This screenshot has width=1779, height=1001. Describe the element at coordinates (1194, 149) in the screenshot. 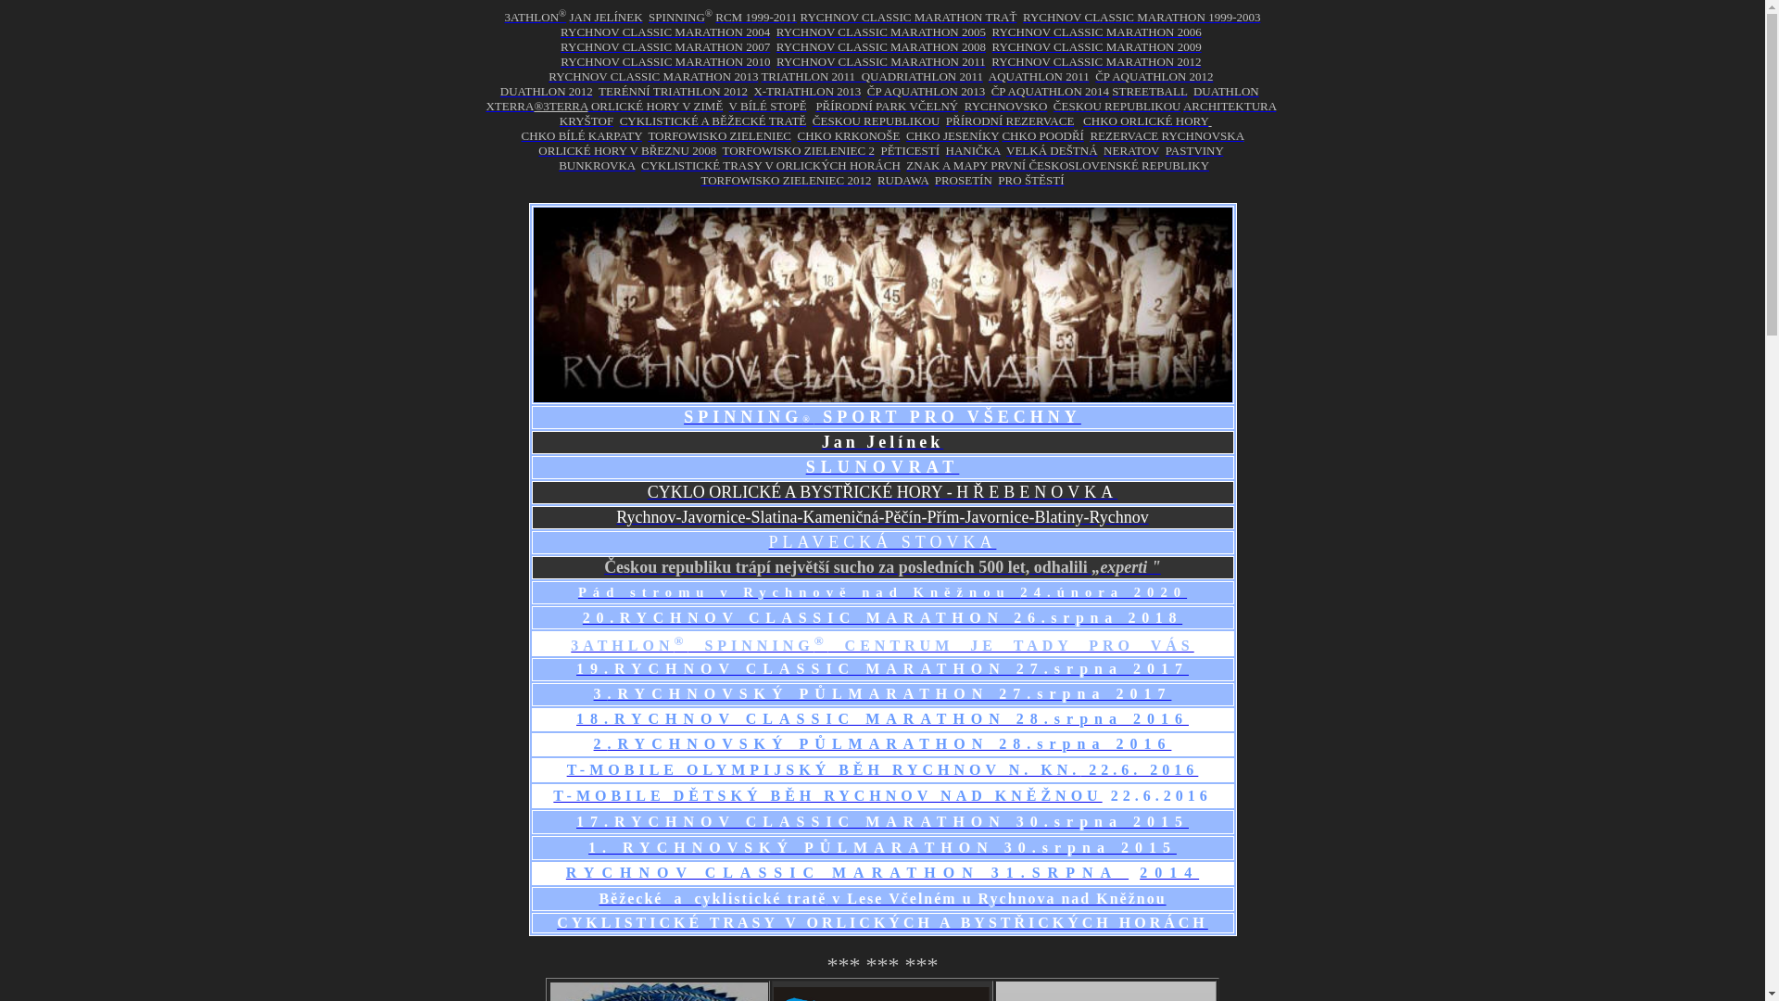

I see `'PASTVINY'` at that location.